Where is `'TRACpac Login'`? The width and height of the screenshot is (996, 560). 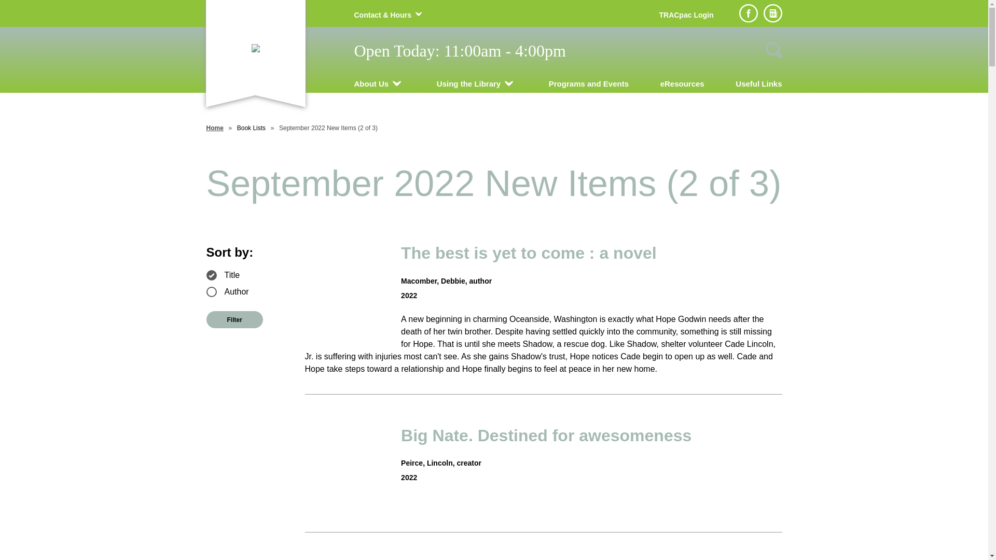
'TRACpac Login' is located at coordinates (686, 15).